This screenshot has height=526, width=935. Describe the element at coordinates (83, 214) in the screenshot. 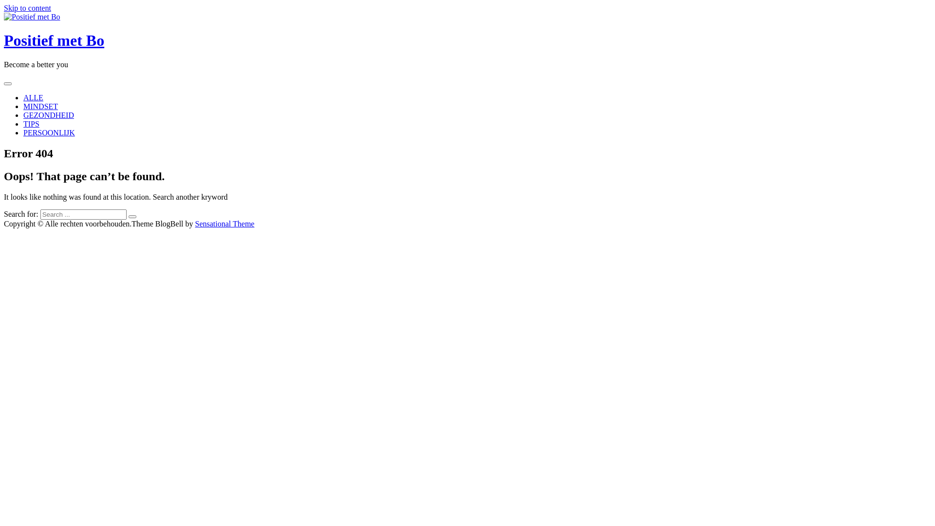

I see `'Search for:'` at that location.